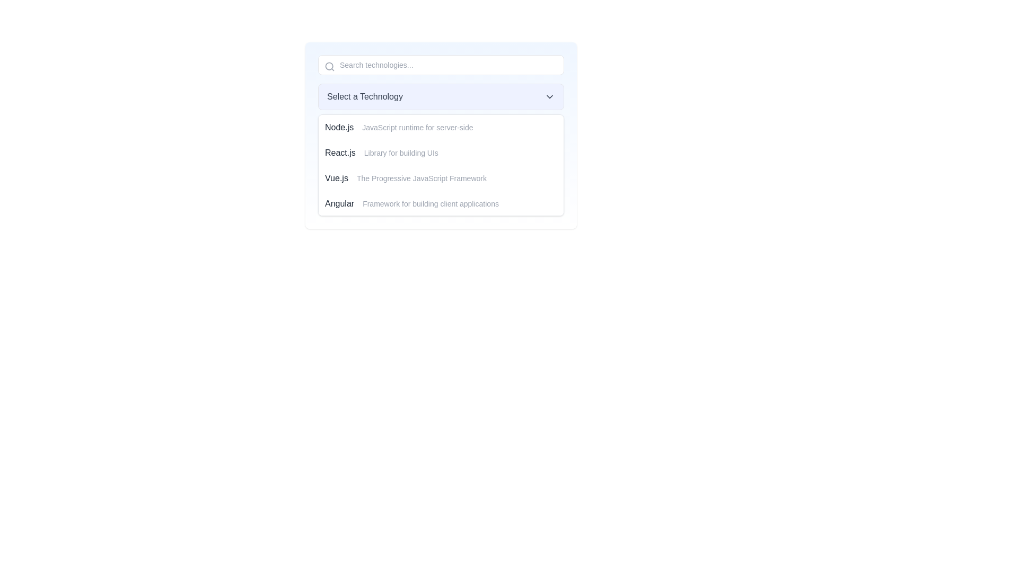 This screenshot has height=572, width=1018. What do you see at coordinates (441, 153) in the screenshot?
I see `the second option in the dropdown menu labeled 'Select a Technology'` at bounding box center [441, 153].